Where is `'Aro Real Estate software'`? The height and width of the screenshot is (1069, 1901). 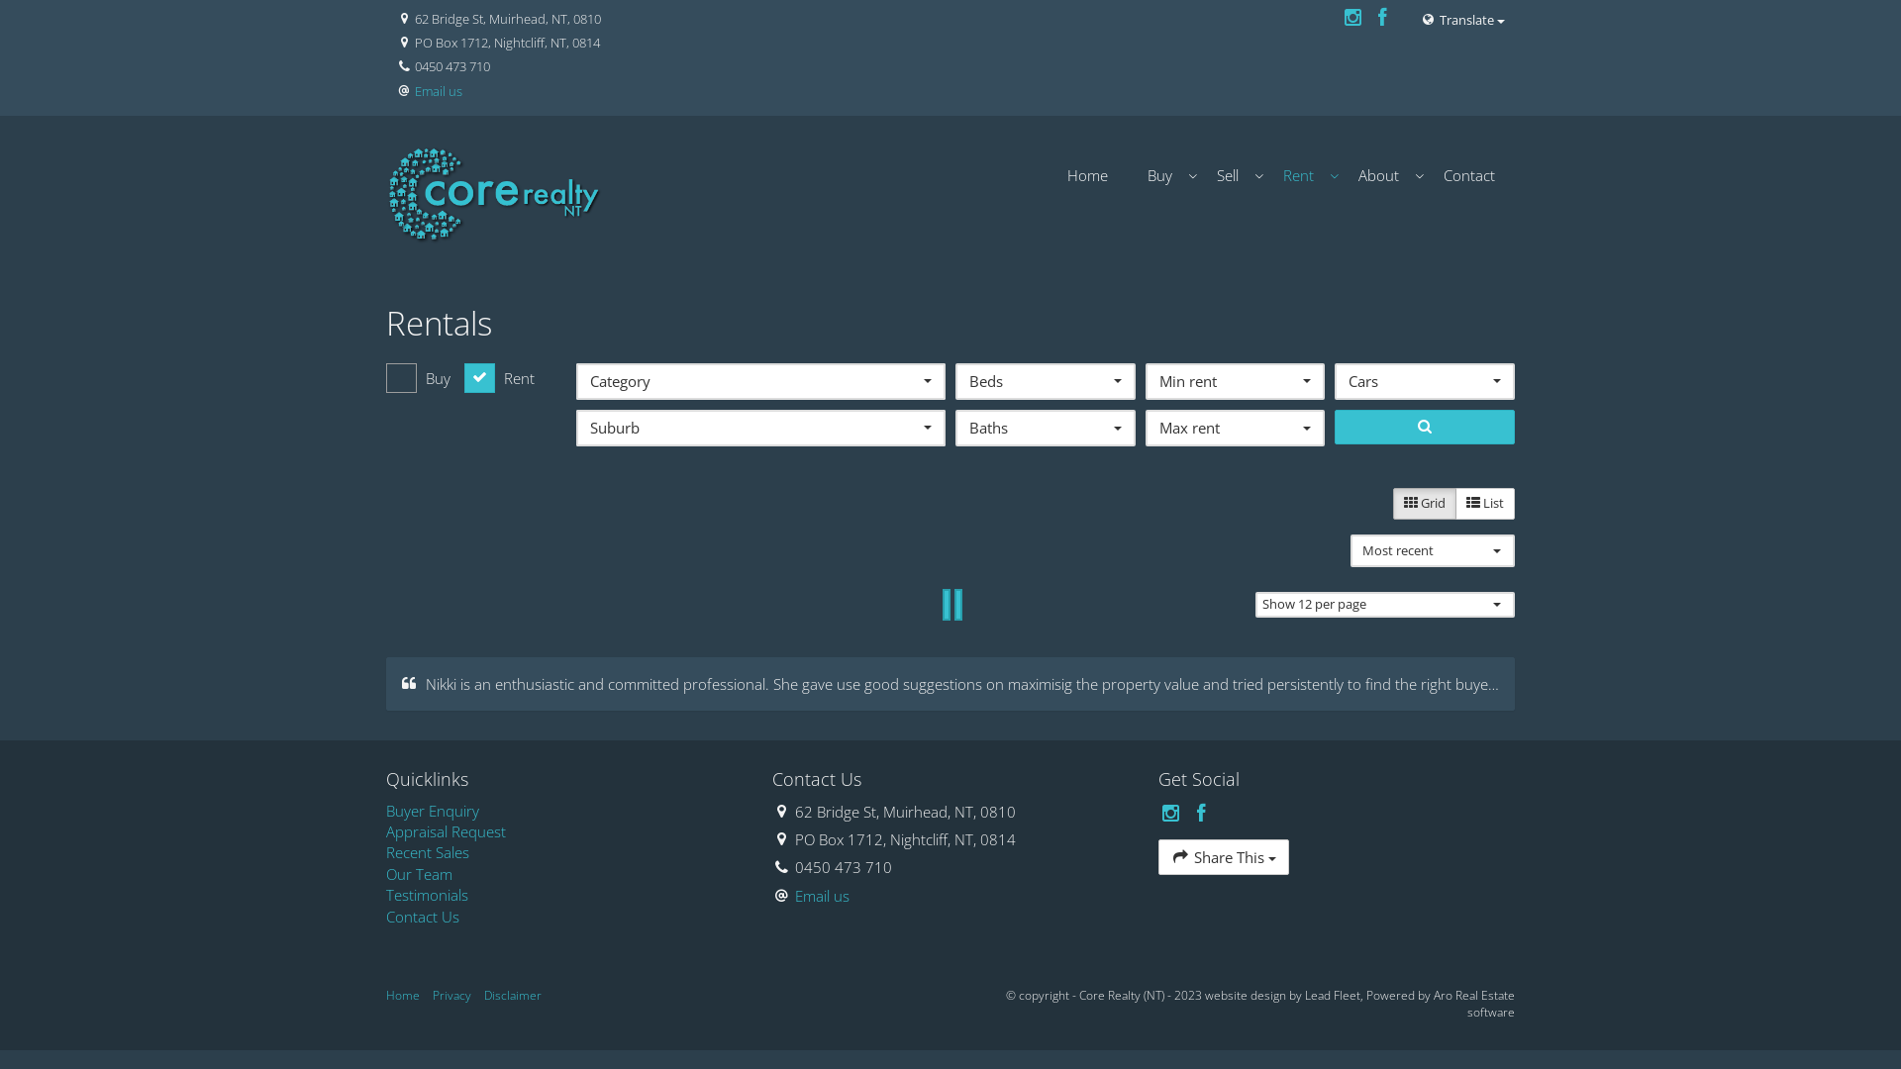 'Aro Real Estate software' is located at coordinates (1473, 1004).